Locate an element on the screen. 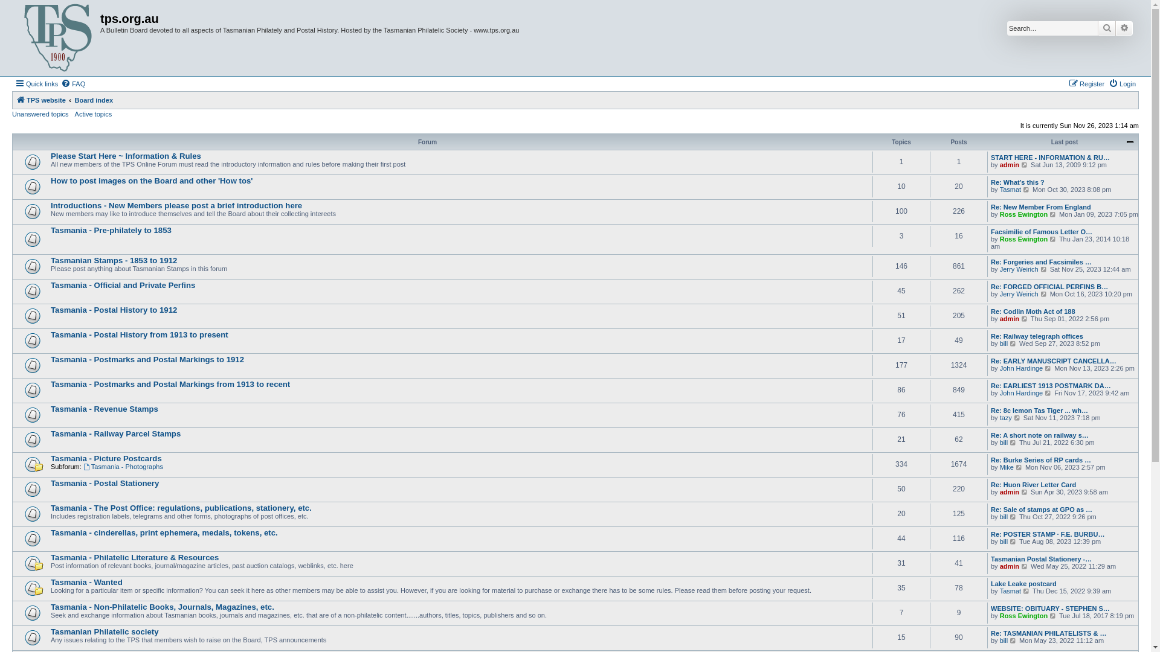  'Jerry Weirich' is located at coordinates (1018, 269).